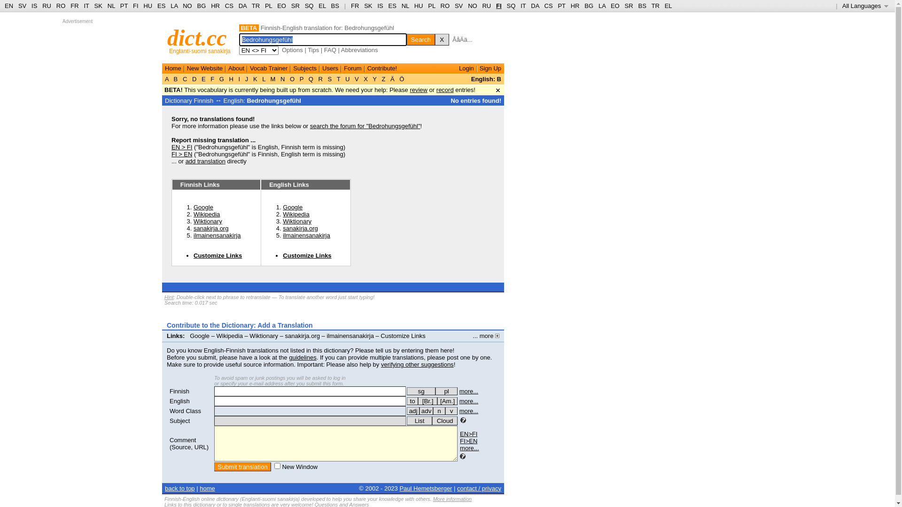 The height and width of the screenshot is (507, 902). Describe the element at coordinates (98, 6) in the screenshot. I see `'SK'` at that location.